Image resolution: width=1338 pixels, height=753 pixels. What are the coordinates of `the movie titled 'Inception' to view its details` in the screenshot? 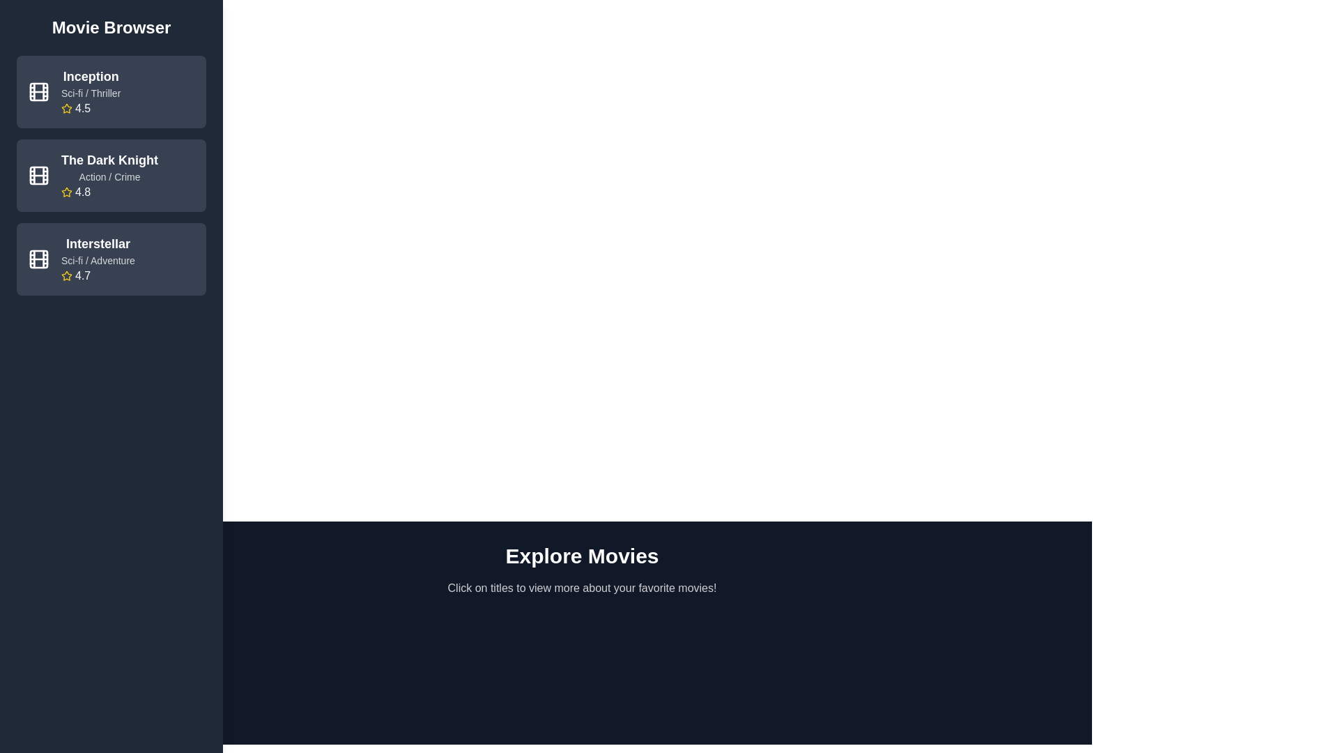 It's located at (110, 91).